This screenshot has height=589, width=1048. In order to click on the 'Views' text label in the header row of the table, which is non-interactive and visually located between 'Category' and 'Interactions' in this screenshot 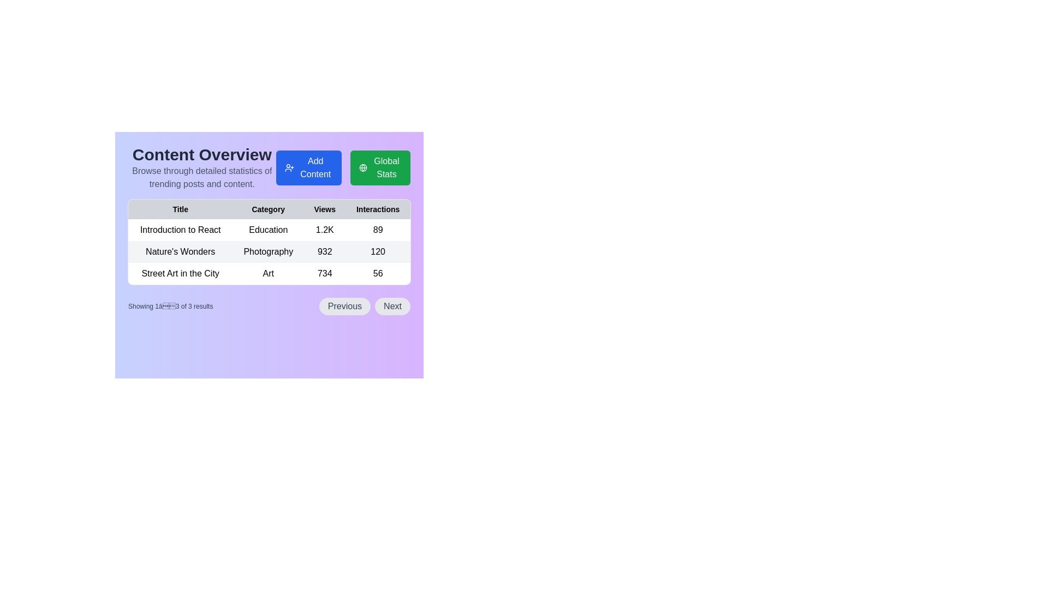, I will do `click(324, 209)`.